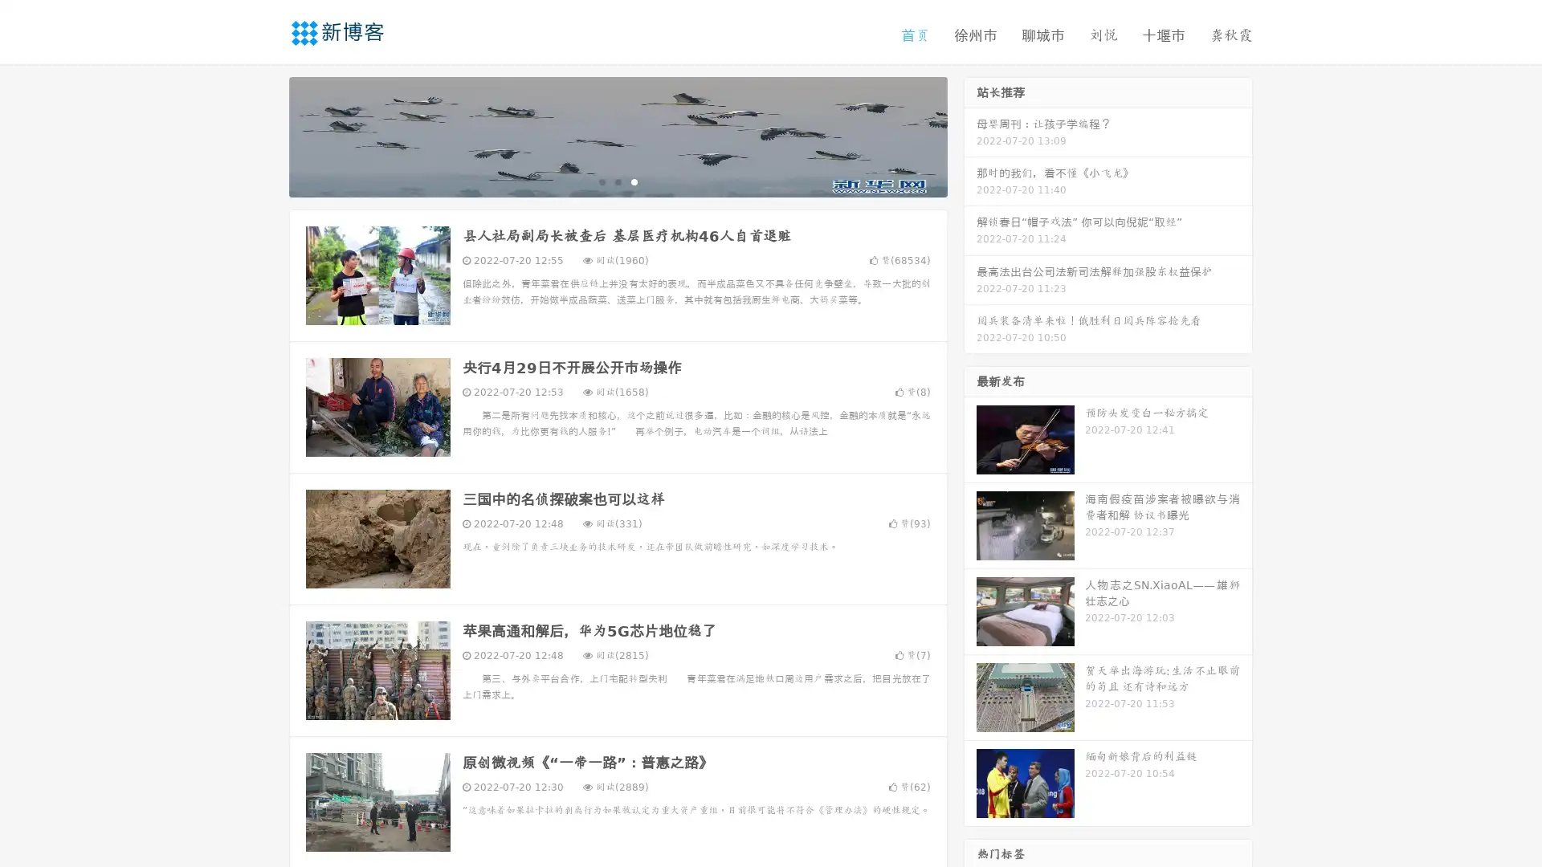  What do you see at coordinates (265, 135) in the screenshot?
I see `Previous slide` at bounding box center [265, 135].